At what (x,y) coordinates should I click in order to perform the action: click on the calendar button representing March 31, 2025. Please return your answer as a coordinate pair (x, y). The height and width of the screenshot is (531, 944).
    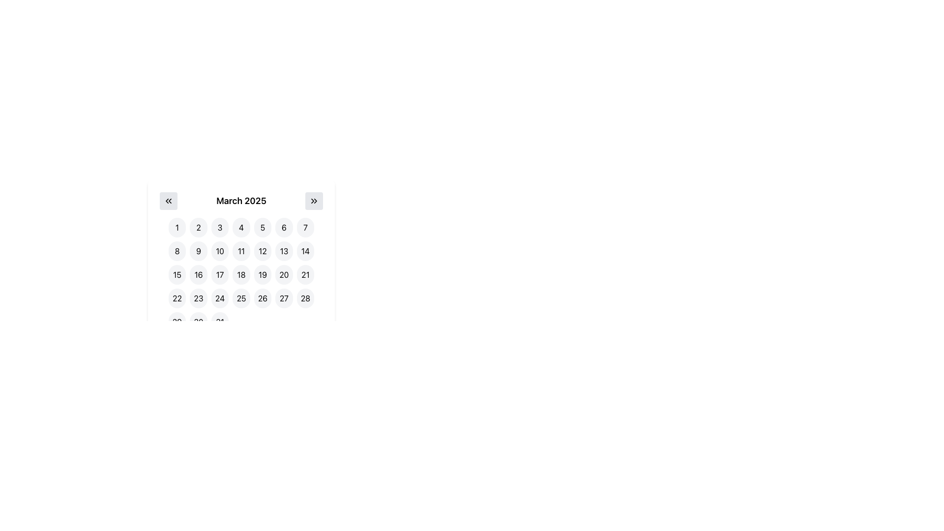
    Looking at the image, I should click on (219, 322).